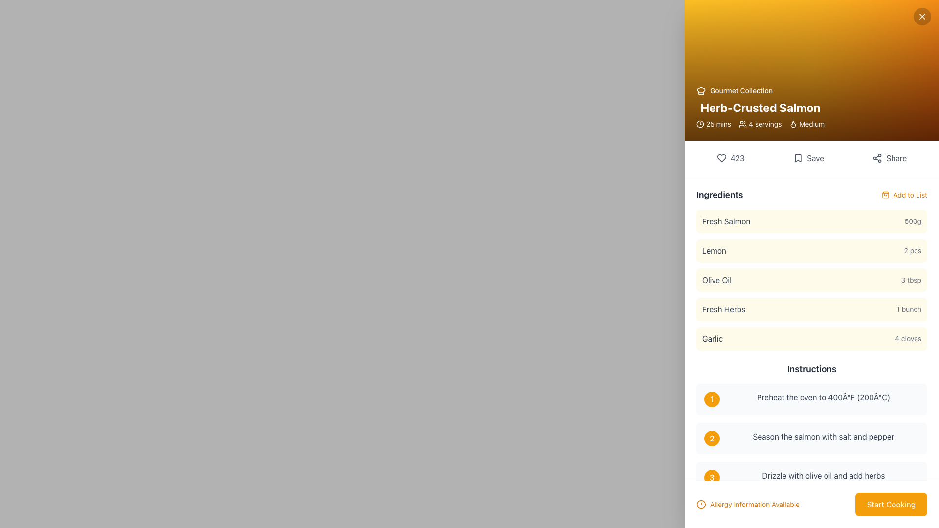 The height and width of the screenshot is (528, 939). Describe the element at coordinates (891, 505) in the screenshot. I see `the rectangular button with rounded corners and solid amber background labeled 'Start Cooking' to activate its hover effects` at that location.